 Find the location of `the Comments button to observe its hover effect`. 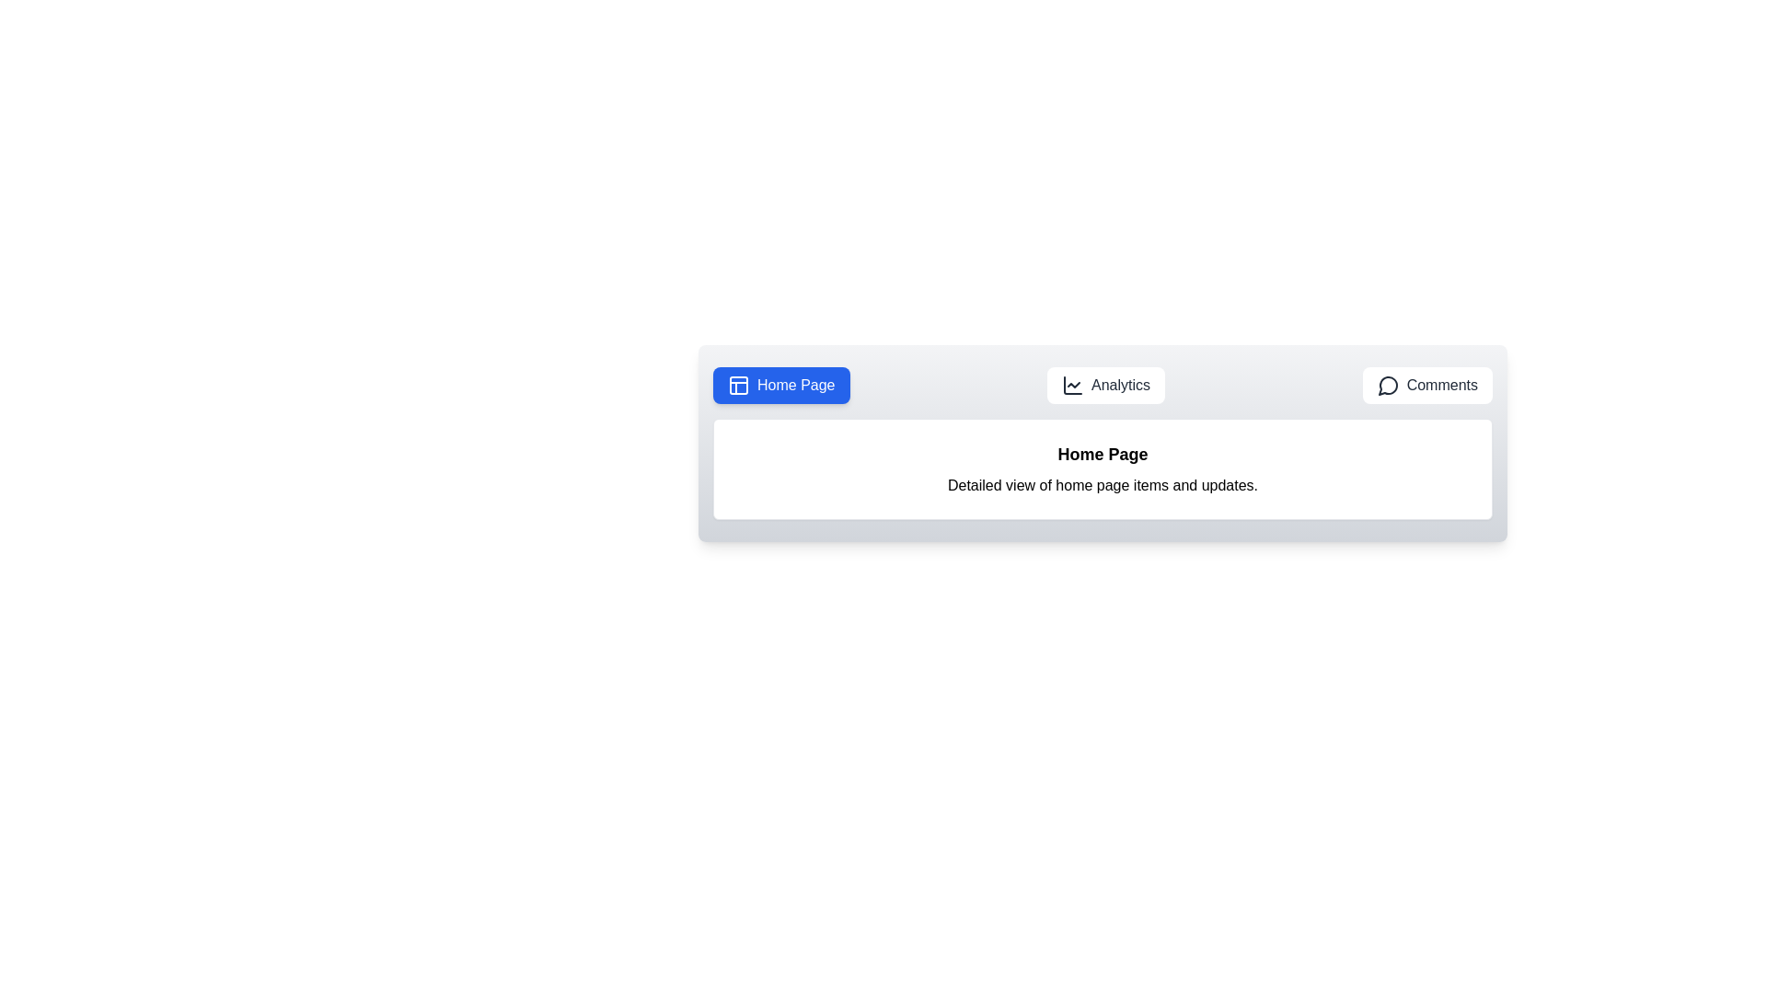

the Comments button to observe its hover effect is located at coordinates (1426, 385).